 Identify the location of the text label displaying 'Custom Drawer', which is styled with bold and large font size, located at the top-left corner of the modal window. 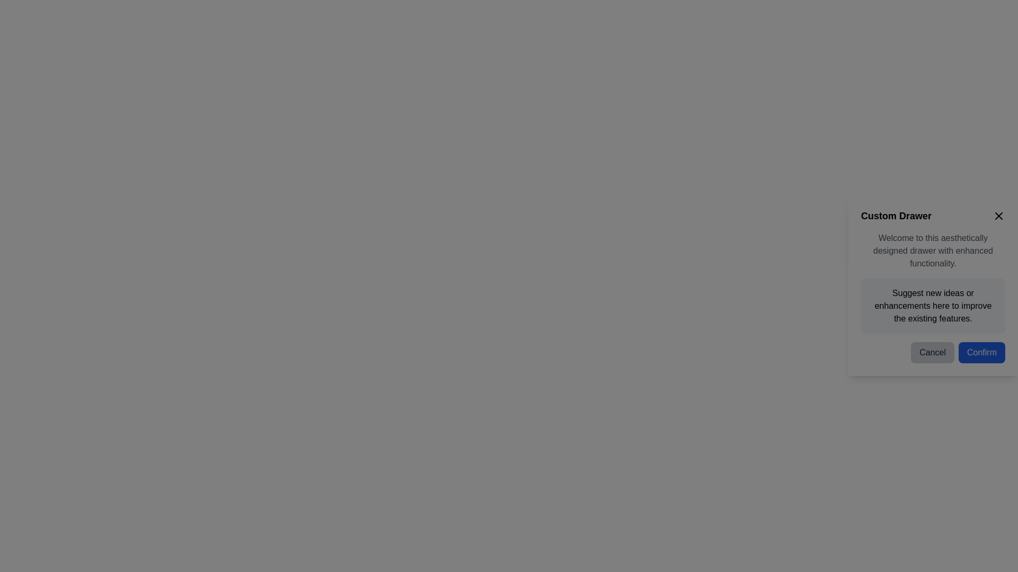
(896, 216).